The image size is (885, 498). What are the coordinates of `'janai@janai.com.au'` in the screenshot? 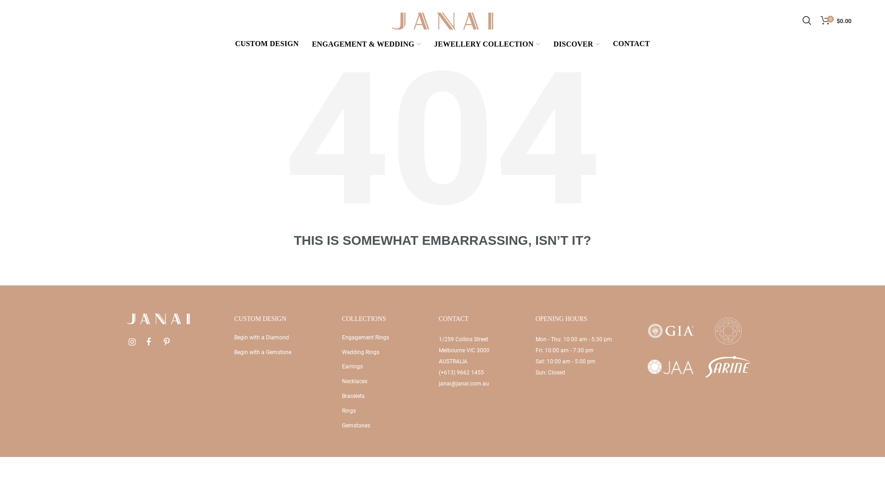 It's located at (438, 384).